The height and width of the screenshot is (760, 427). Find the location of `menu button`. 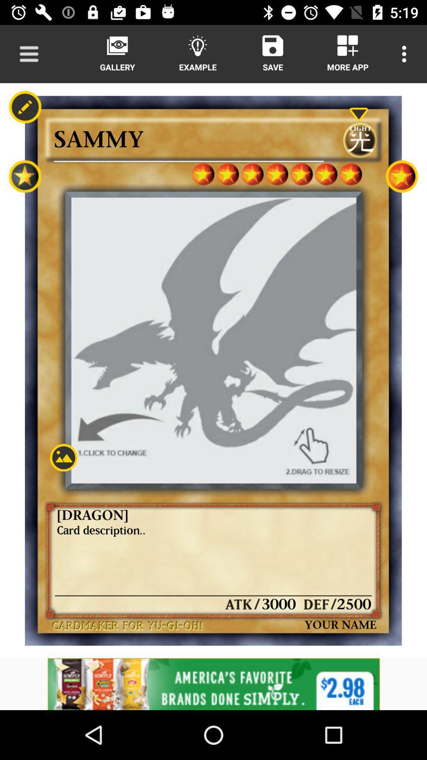

menu button is located at coordinates (28, 53).